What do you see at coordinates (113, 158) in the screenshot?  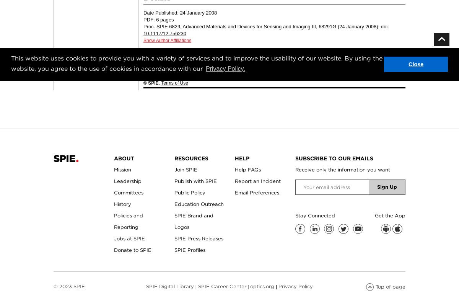 I see `'ABOUT'` at bounding box center [113, 158].